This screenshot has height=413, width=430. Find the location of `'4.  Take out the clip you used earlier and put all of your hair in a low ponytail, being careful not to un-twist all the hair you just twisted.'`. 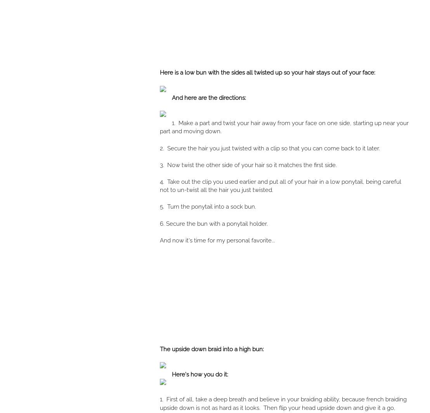

'4.  Take out the clip you used earlier and put all of your hair in a low ponytail, being careful not to un-twist all the hair you just twisted.' is located at coordinates (280, 186).